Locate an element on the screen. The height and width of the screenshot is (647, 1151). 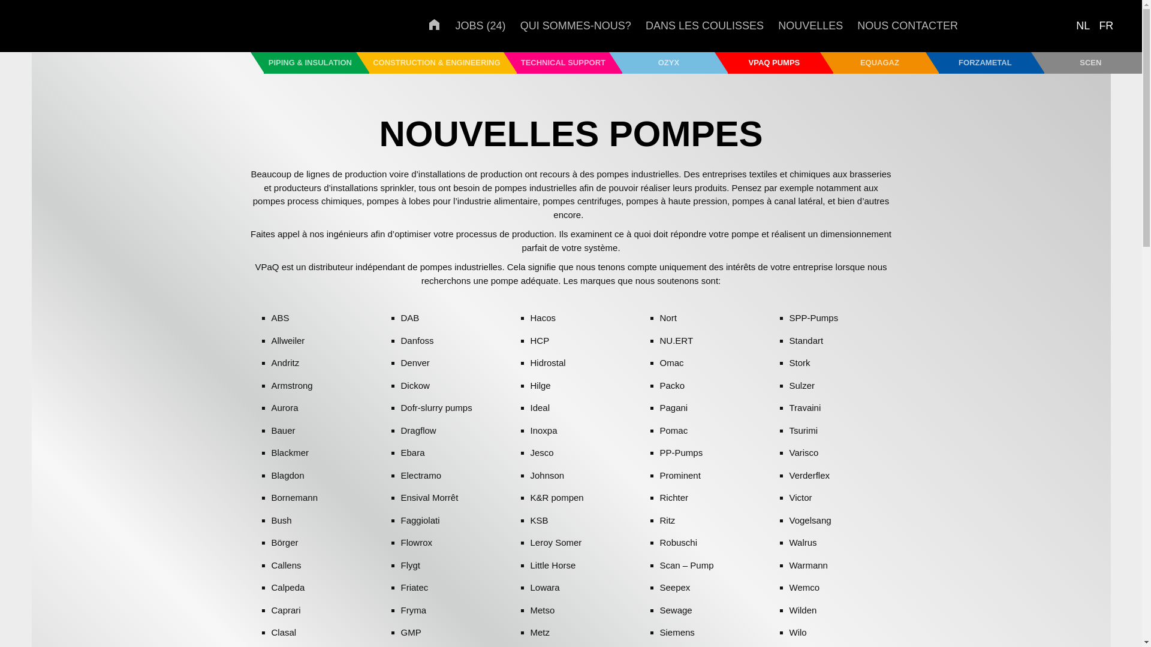
'QUI SOMMES-NOUS?' is located at coordinates (575, 25).